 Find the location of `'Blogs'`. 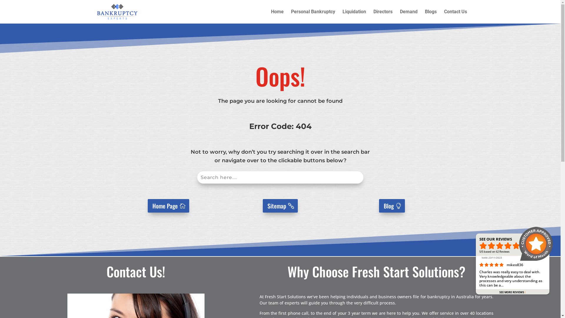

'Blogs' is located at coordinates (431, 16).